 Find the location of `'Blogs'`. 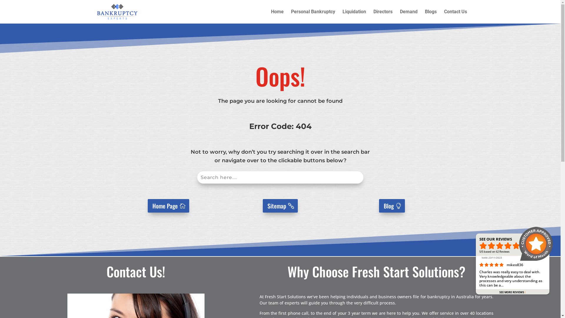

'Blogs' is located at coordinates (431, 16).